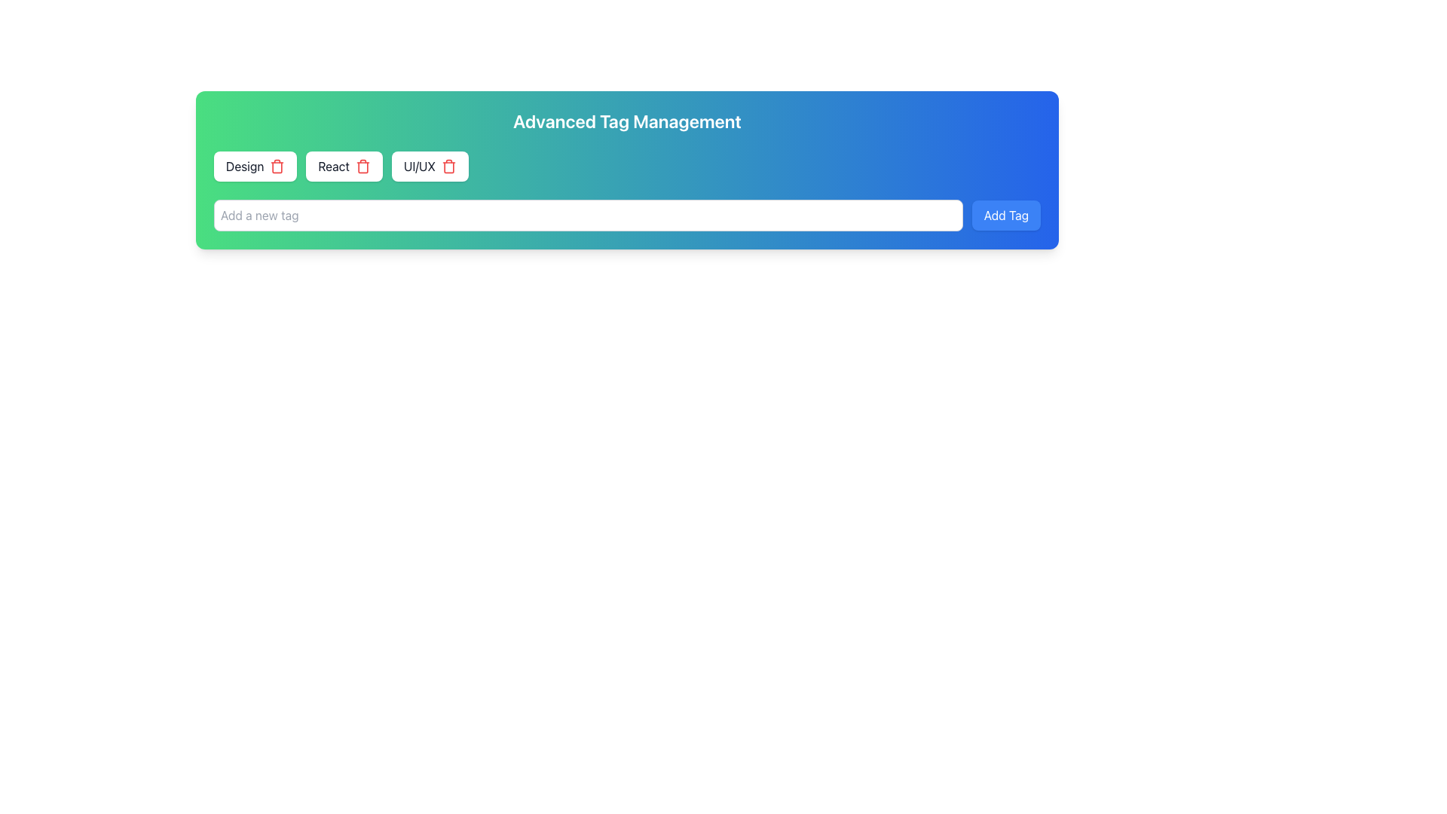 The height and width of the screenshot is (814, 1447). Describe the element at coordinates (419, 166) in the screenshot. I see `the text display element that shows 'UI/UX' in bold black font, located in the third position of a series of similar containers` at that location.